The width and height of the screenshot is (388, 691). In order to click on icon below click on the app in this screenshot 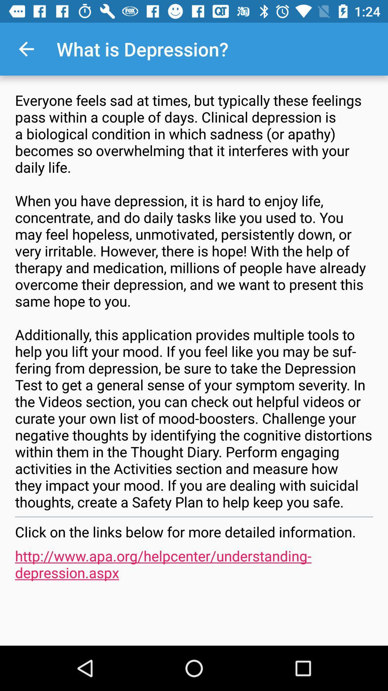, I will do `click(194, 564)`.